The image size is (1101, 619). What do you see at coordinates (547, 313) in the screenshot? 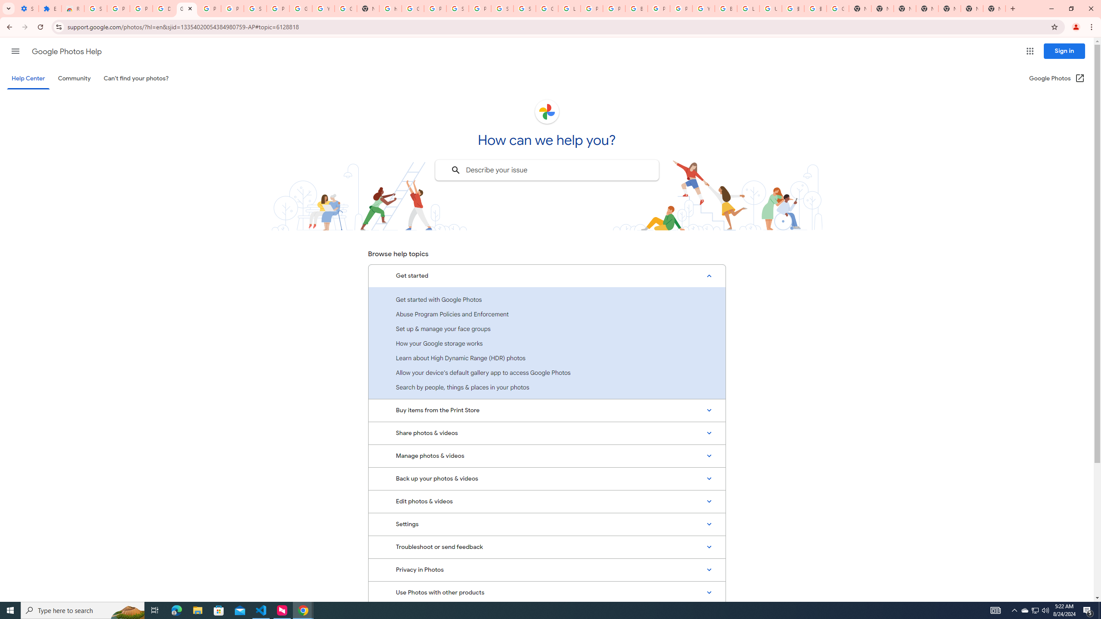
I see `'Abuse Program Policies and Enforcement'` at bounding box center [547, 313].